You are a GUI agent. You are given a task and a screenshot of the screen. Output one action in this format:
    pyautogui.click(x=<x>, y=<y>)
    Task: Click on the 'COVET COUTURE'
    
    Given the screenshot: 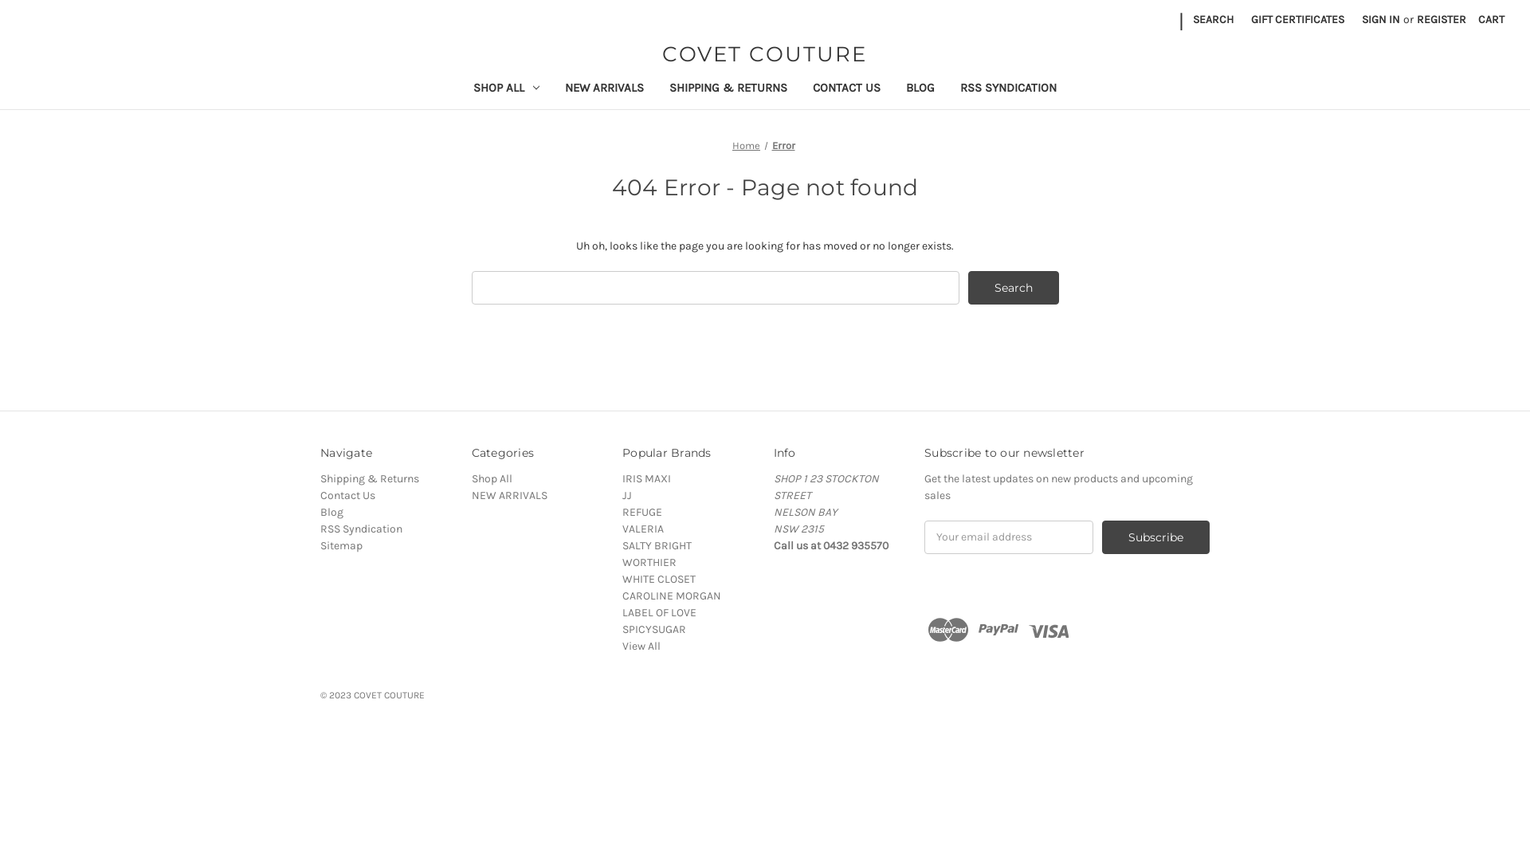 What is the action you would take?
    pyautogui.click(x=763, y=53)
    